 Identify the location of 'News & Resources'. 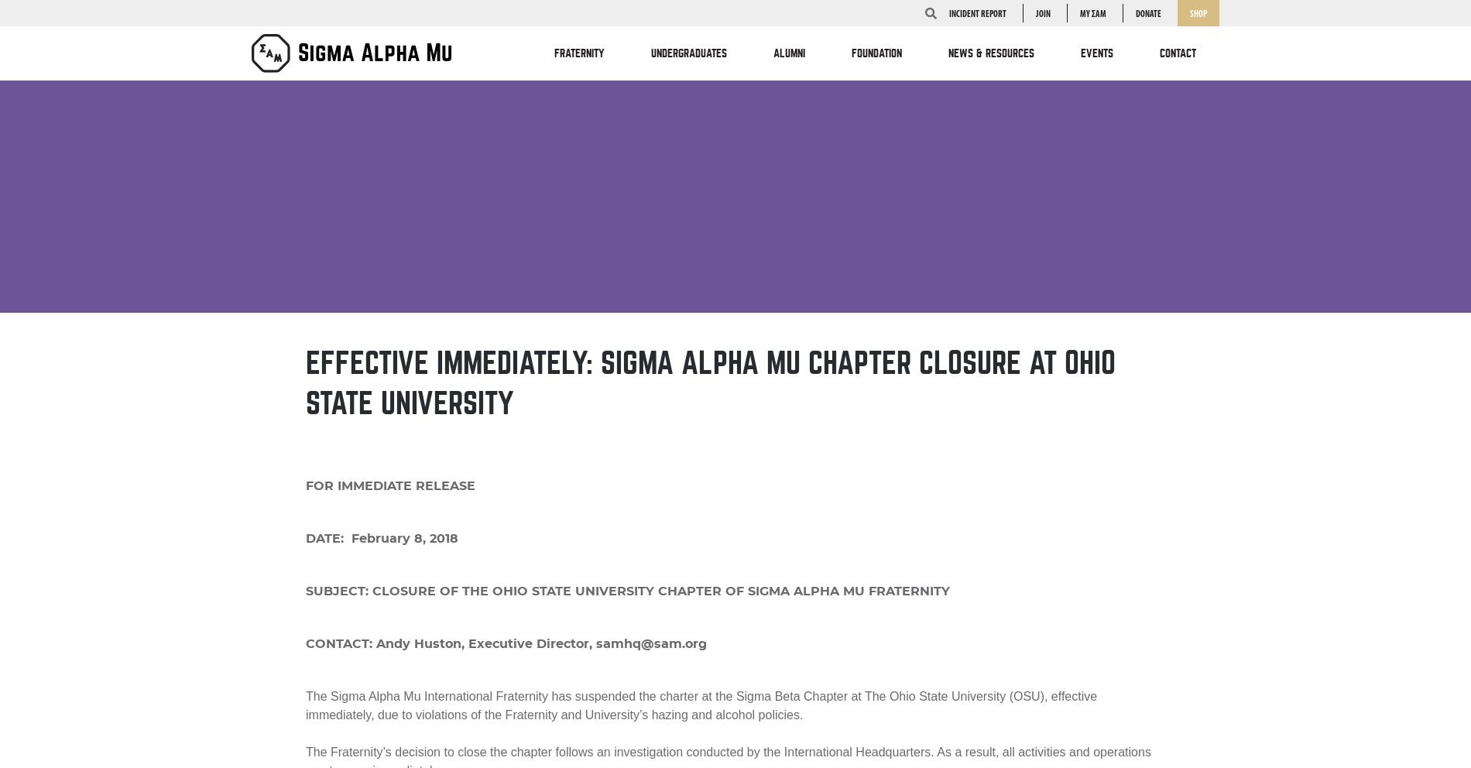
(947, 53).